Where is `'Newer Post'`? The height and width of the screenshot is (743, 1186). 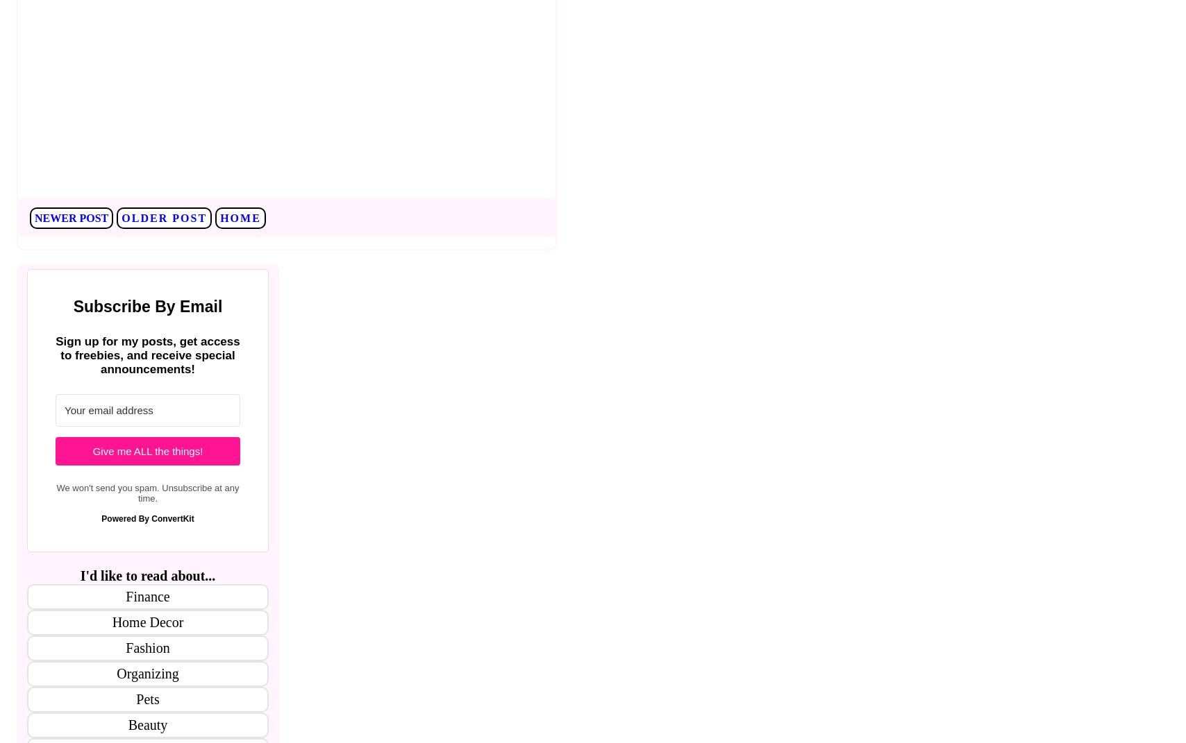 'Newer Post' is located at coordinates (71, 217).